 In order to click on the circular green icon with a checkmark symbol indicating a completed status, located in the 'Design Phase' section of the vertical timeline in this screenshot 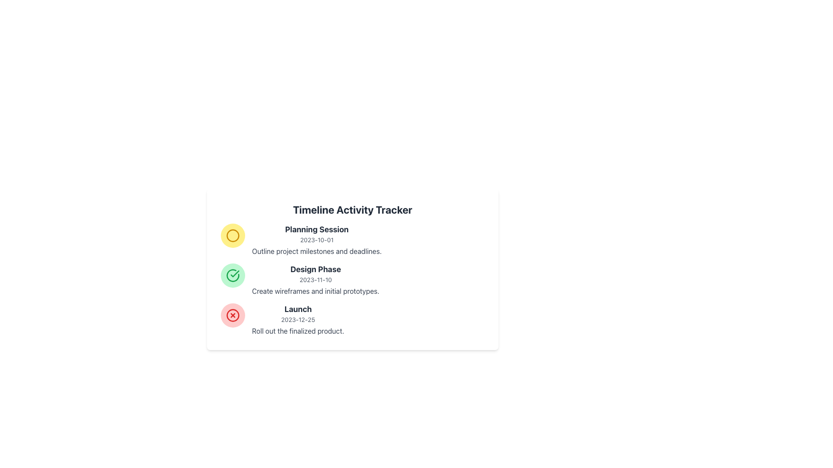, I will do `click(233, 276)`.